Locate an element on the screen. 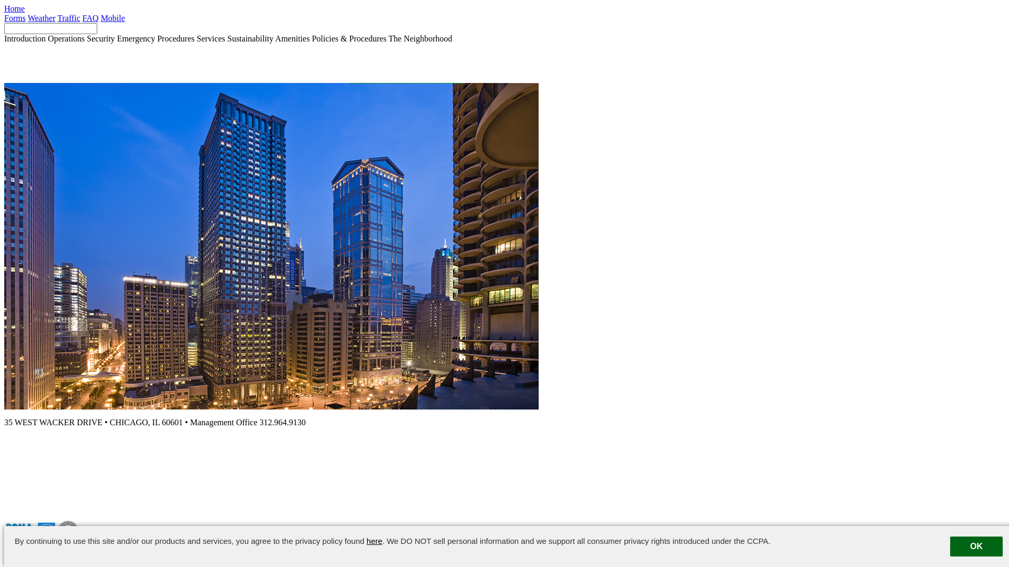  'Powered by ETS.' is located at coordinates (330, 550).